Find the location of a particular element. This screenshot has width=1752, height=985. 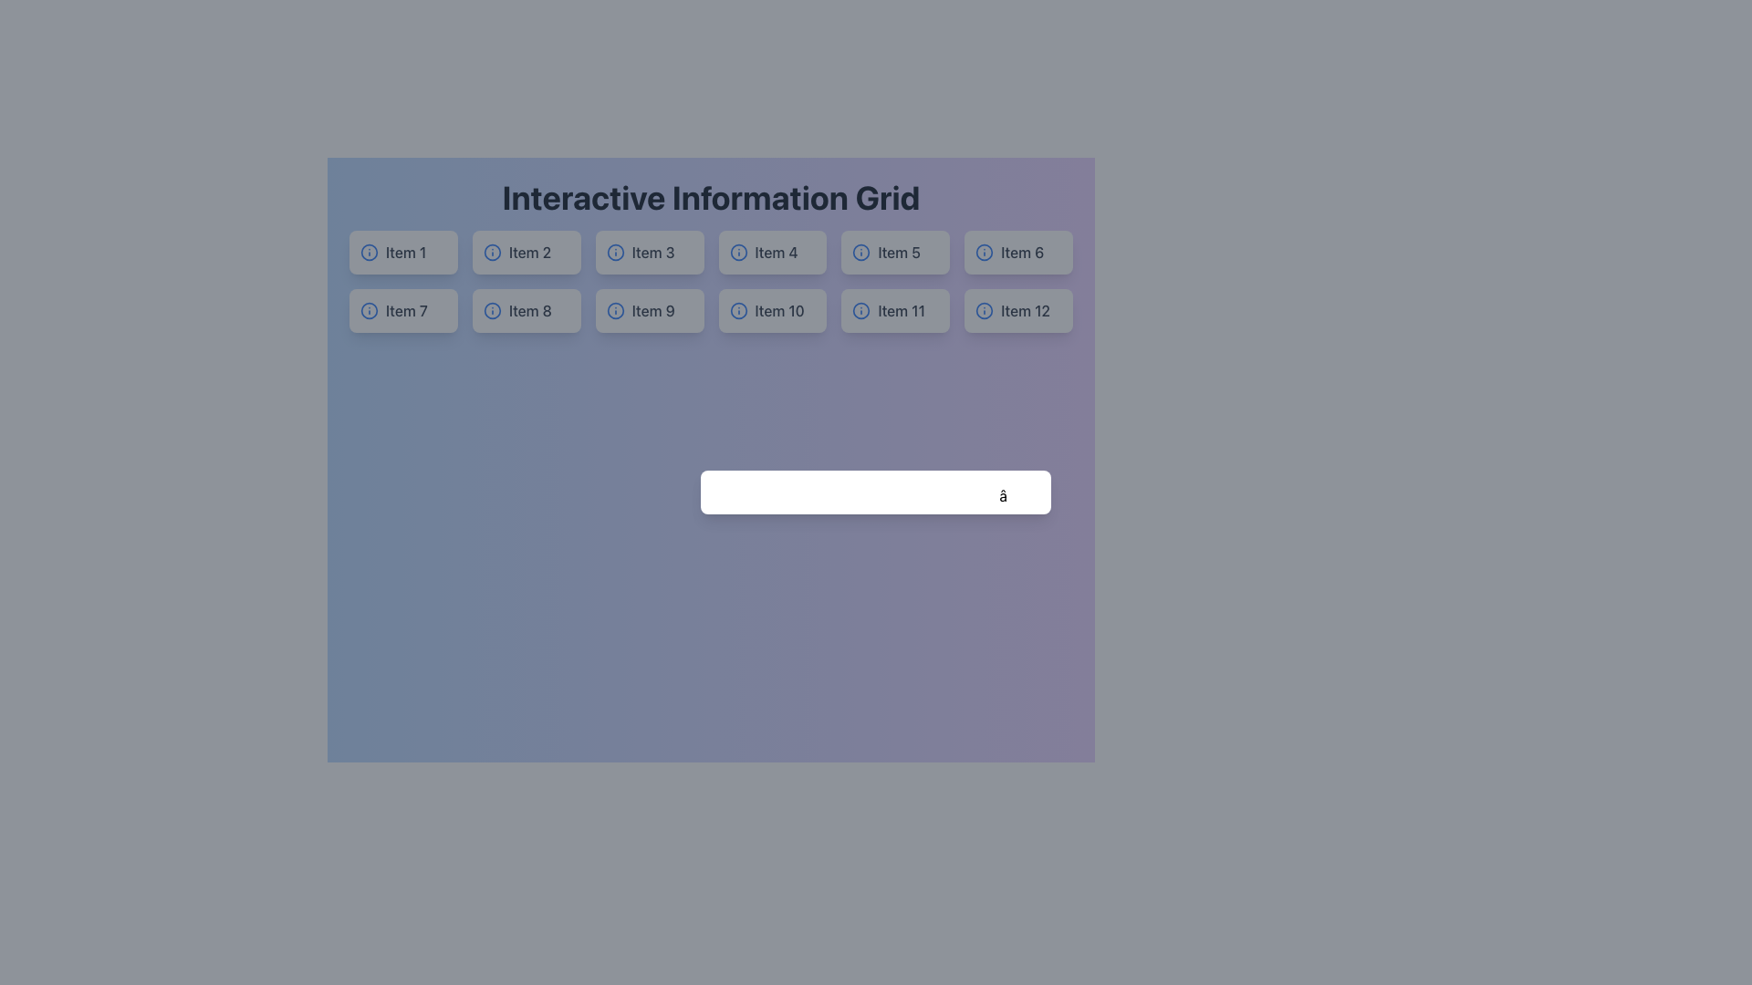

the informational icon located in the first column and first row of the grid layout is located at coordinates (368, 253).